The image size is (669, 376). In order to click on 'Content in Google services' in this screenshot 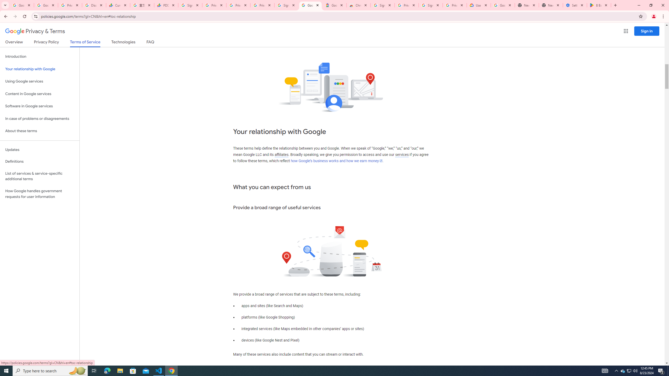, I will do `click(39, 94)`.